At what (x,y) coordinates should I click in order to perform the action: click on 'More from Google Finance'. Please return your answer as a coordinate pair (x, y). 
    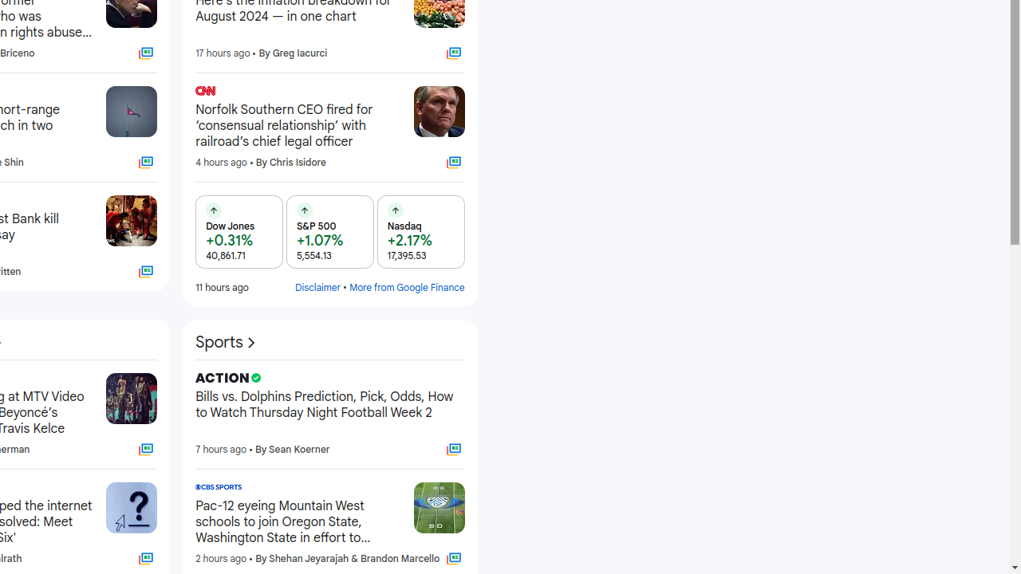
    Looking at the image, I should click on (407, 287).